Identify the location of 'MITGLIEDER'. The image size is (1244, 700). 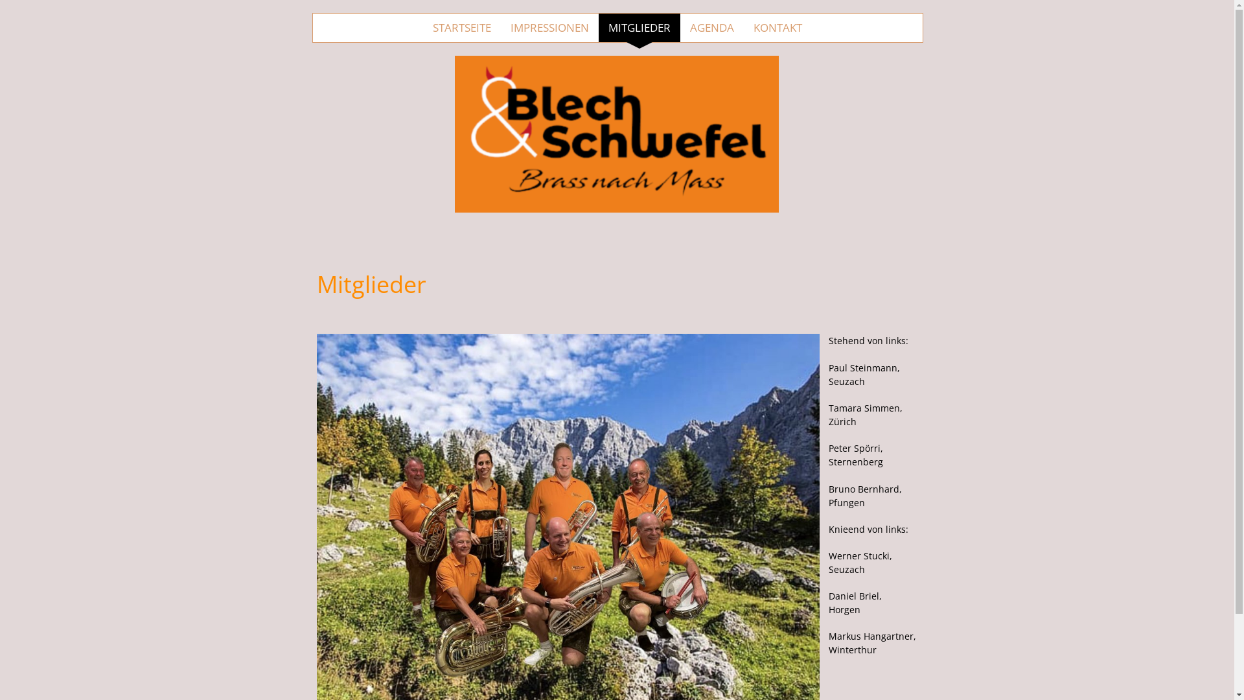
(639, 27).